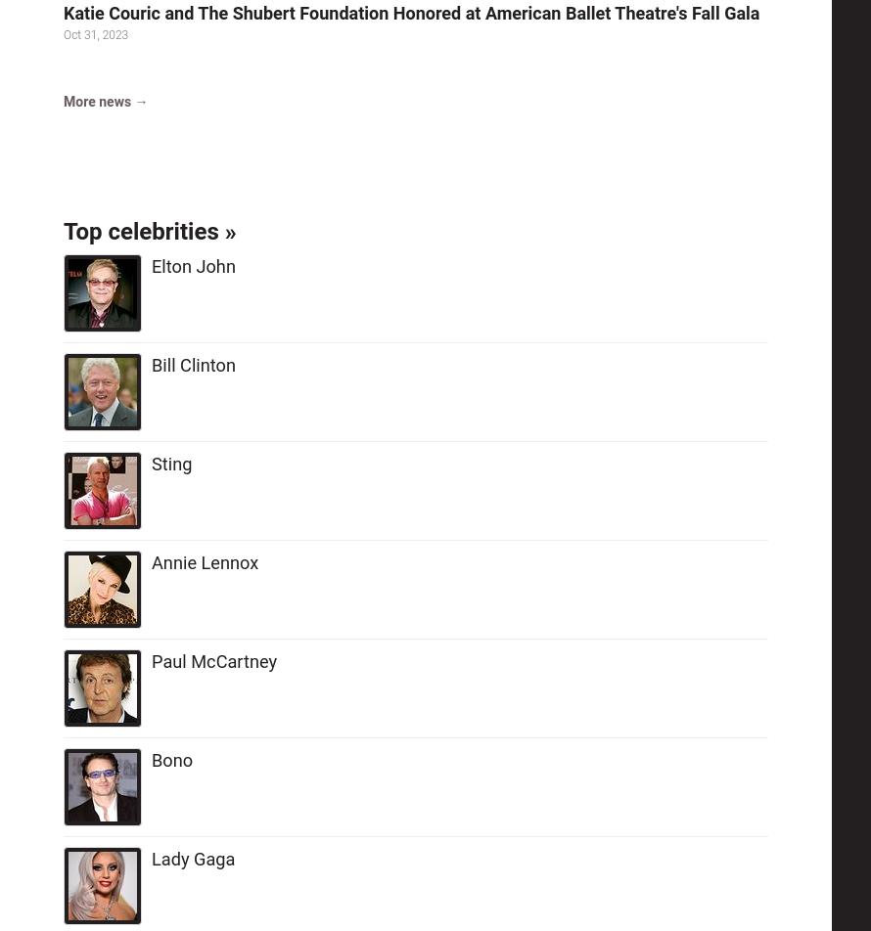 This screenshot has width=871, height=931. I want to click on 'Paul McCartney', so click(214, 661).